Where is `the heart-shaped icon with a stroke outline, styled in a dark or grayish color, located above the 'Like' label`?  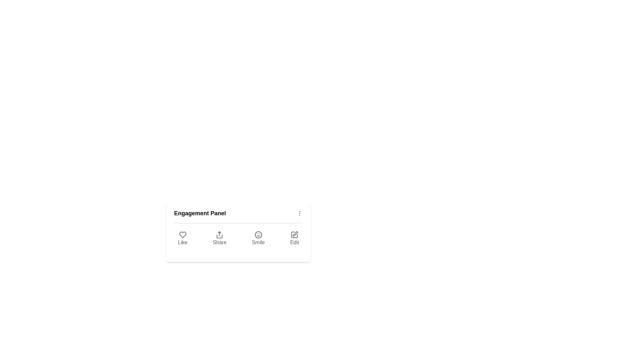 the heart-shaped icon with a stroke outline, styled in a dark or grayish color, located above the 'Like' label is located at coordinates (182, 235).